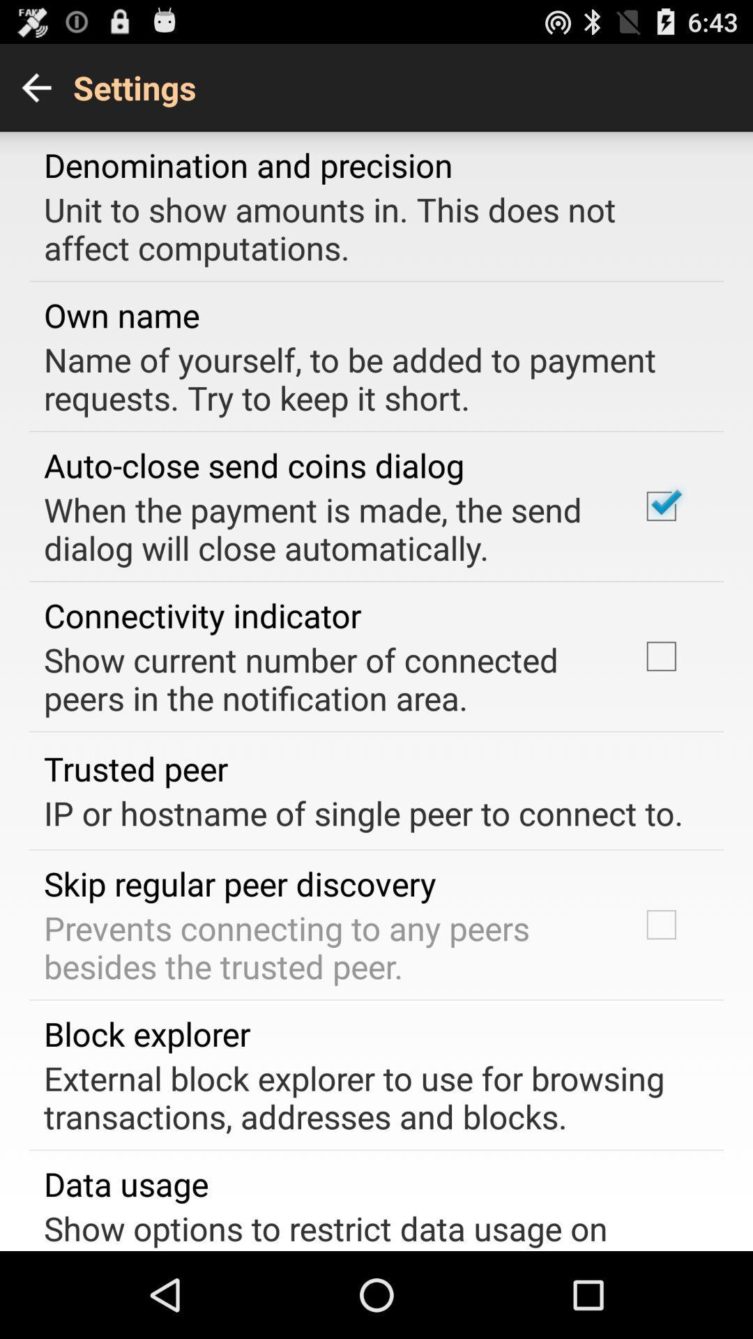 This screenshot has height=1339, width=753. Describe the element at coordinates (121, 314) in the screenshot. I see `the icon below unit to show item` at that location.